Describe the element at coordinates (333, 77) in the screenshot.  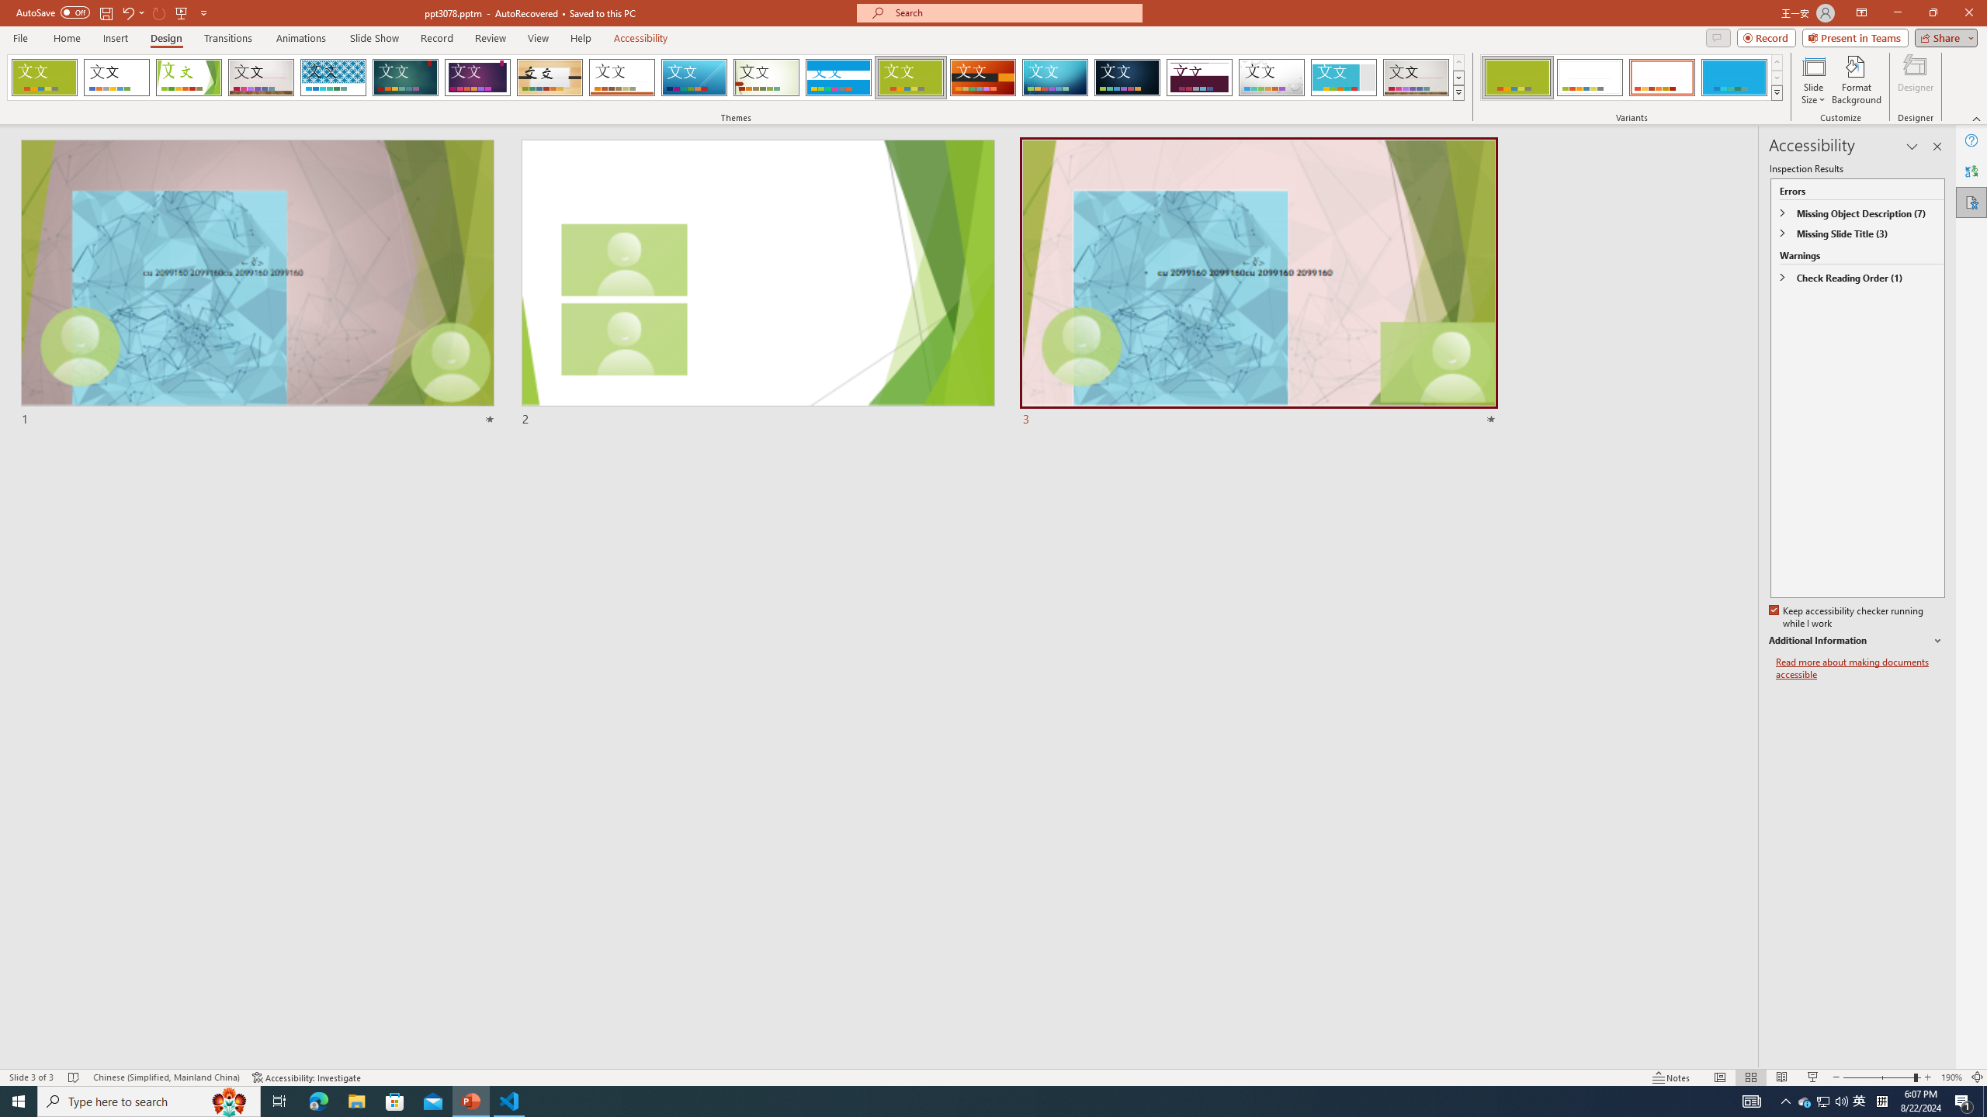
I see `'Integral'` at that location.